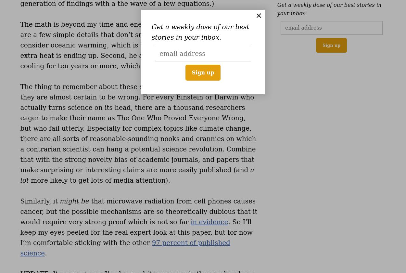 This screenshot has height=273, width=406. What do you see at coordinates (99, 180) in the screenshot?
I see `'more likely to get lots of media attention).'` at bounding box center [99, 180].